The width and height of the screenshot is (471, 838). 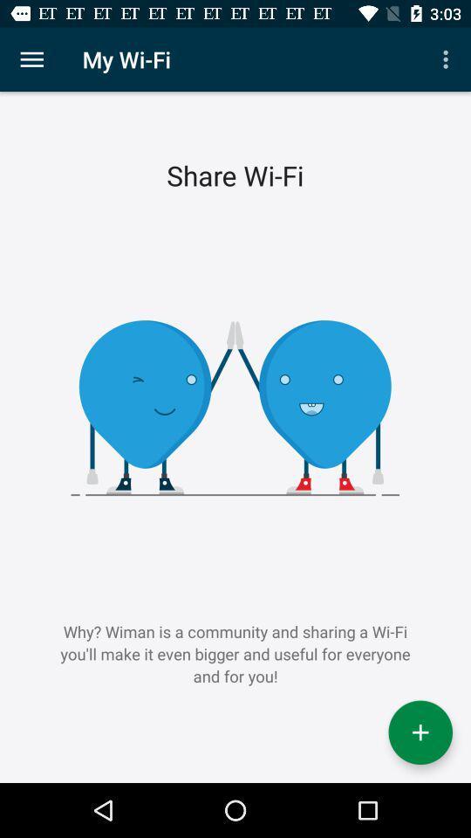 What do you see at coordinates (31, 59) in the screenshot?
I see `open the menu` at bounding box center [31, 59].